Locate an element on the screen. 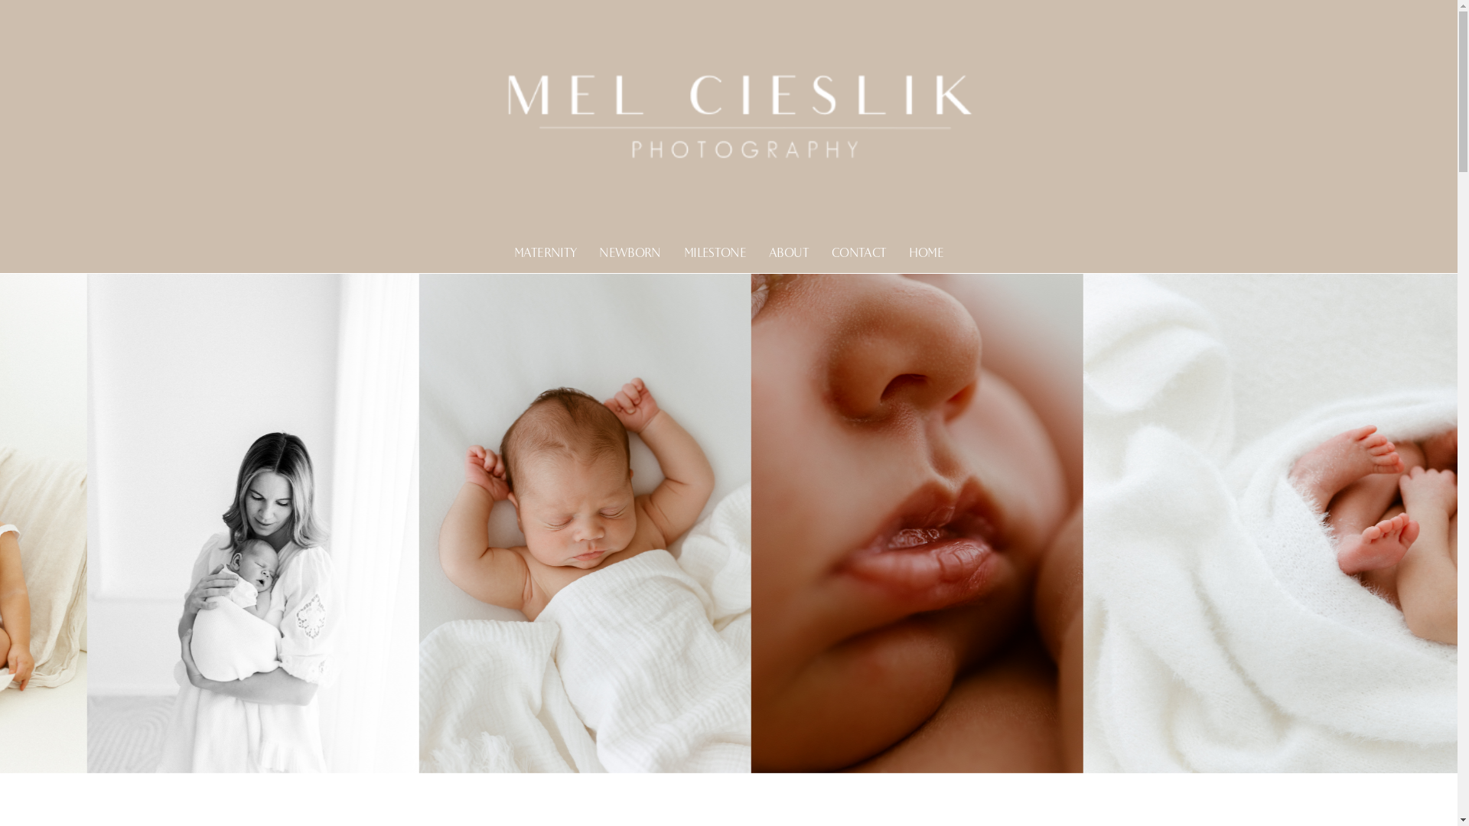 The image size is (1469, 826). 'HOME' is located at coordinates (924, 252).